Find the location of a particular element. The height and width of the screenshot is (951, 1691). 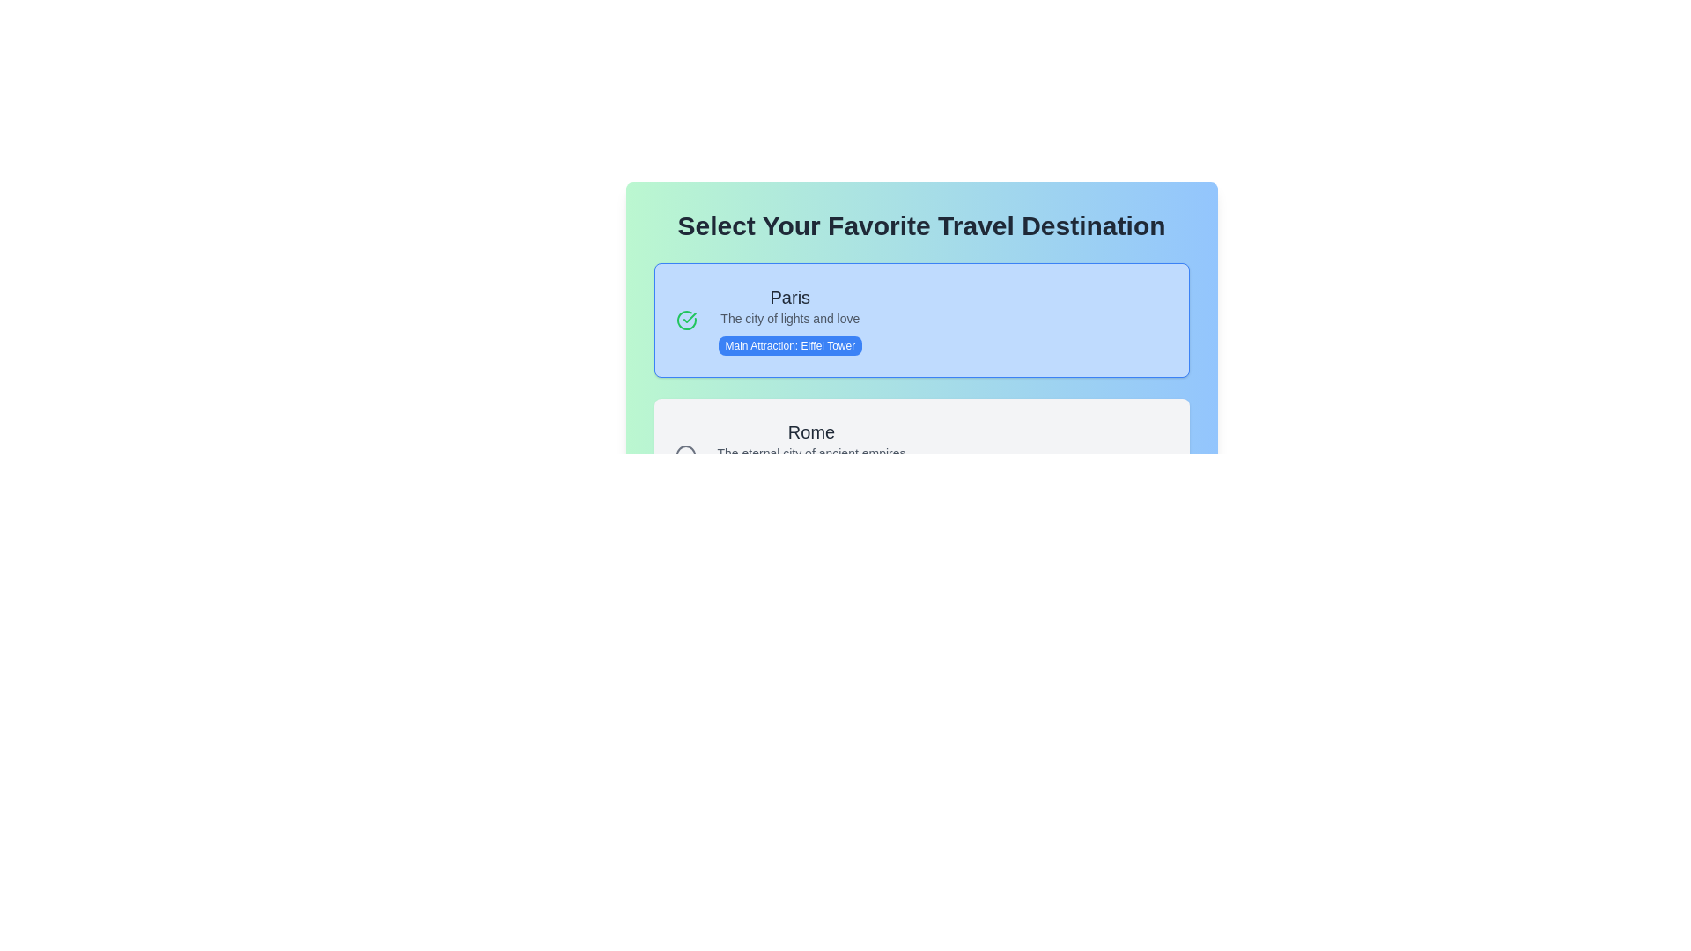

the text label displaying 'Paris', which is prominently styled in bold and dark gray color, located at the upper middle area of a highlighted card in the travel destinations list is located at coordinates (789, 297).